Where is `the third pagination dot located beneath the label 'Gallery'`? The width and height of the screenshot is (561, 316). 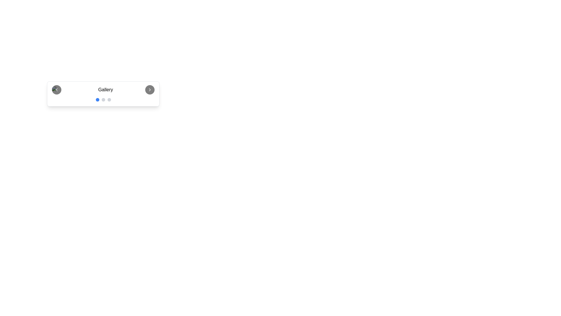 the third pagination dot located beneath the label 'Gallery' is located at coordinates (109, 99).